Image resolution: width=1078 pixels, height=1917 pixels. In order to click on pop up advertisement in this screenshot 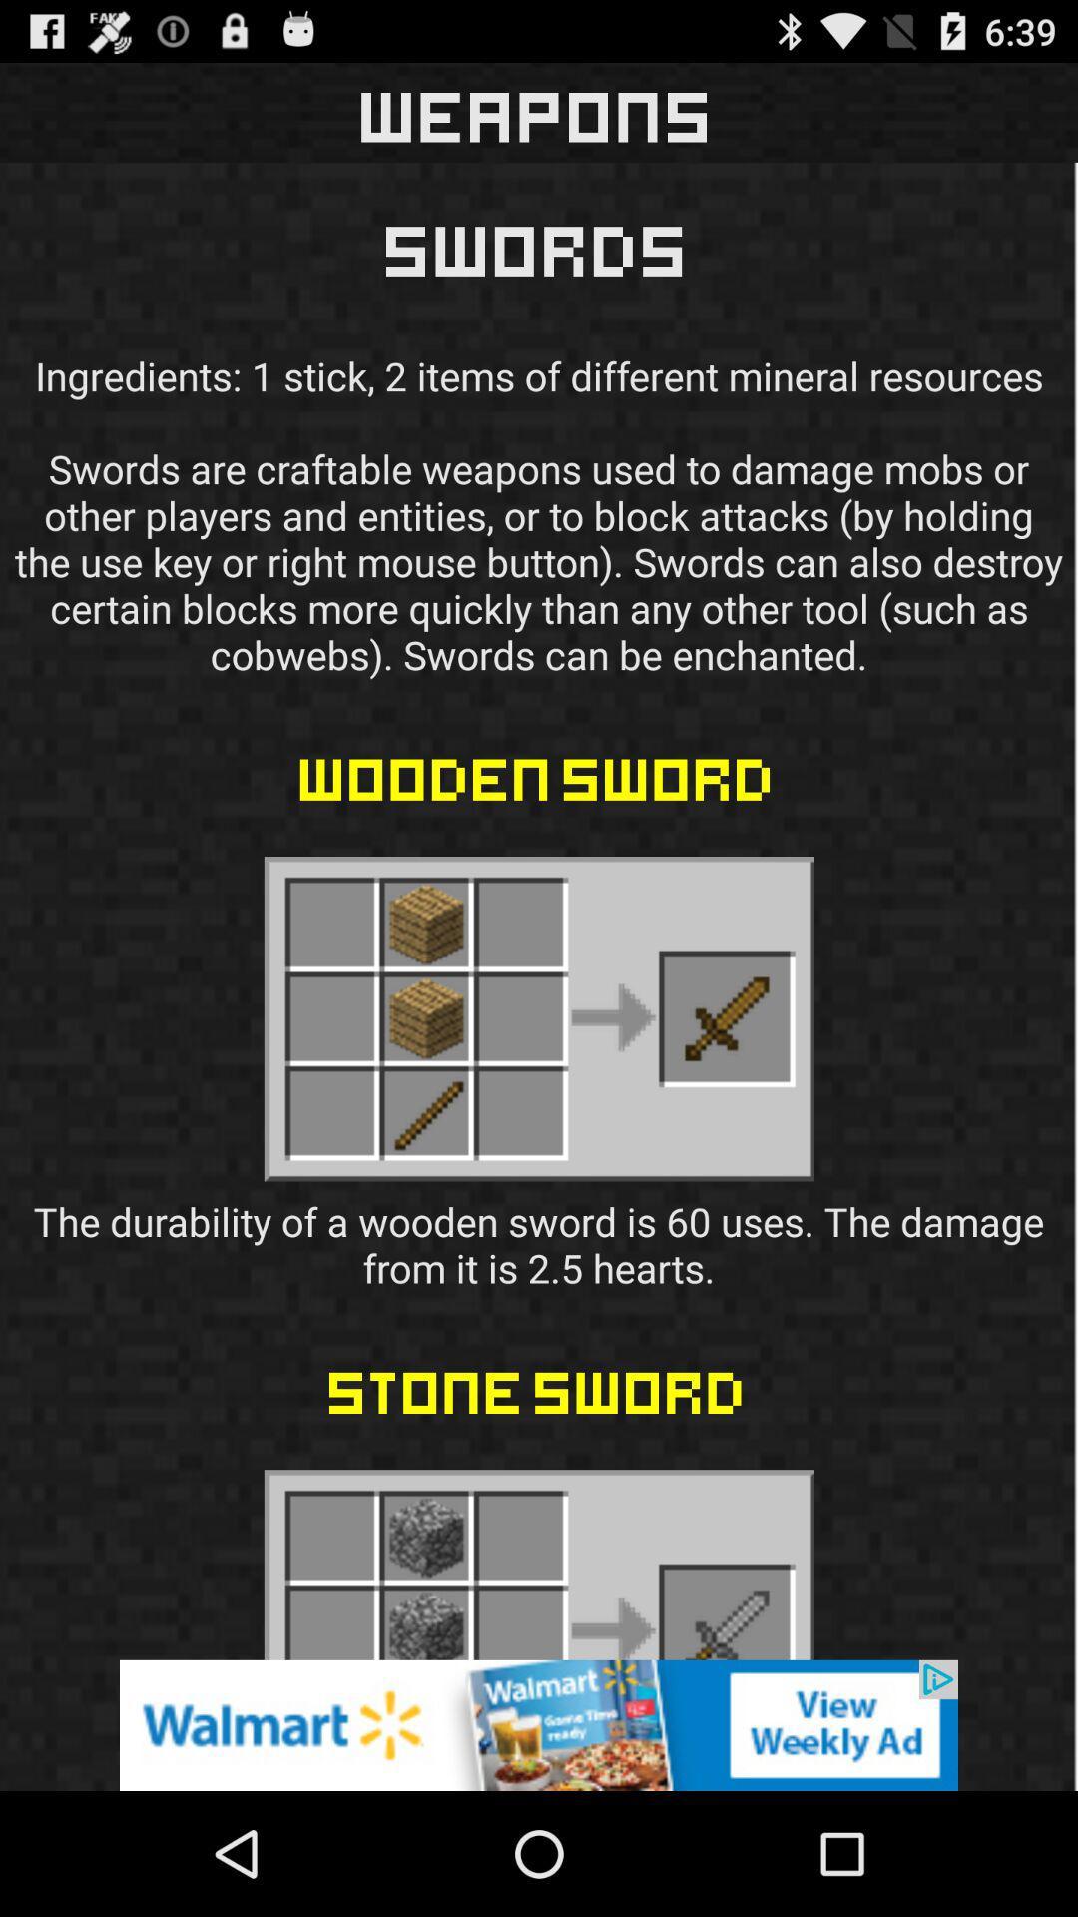, I will do `click(539, 1724)`.